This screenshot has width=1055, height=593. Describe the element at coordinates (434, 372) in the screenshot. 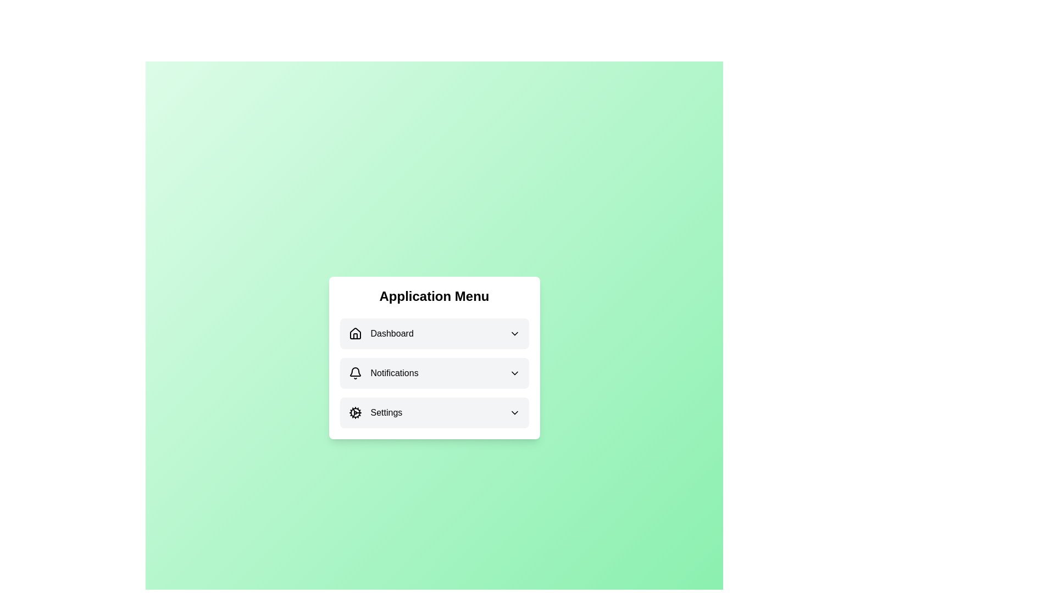

I see `the interactive tab located in the vertical navigation menu that grants access to notification settings, positioned between the 'Dashboard' and 'Settings' options` at that location.